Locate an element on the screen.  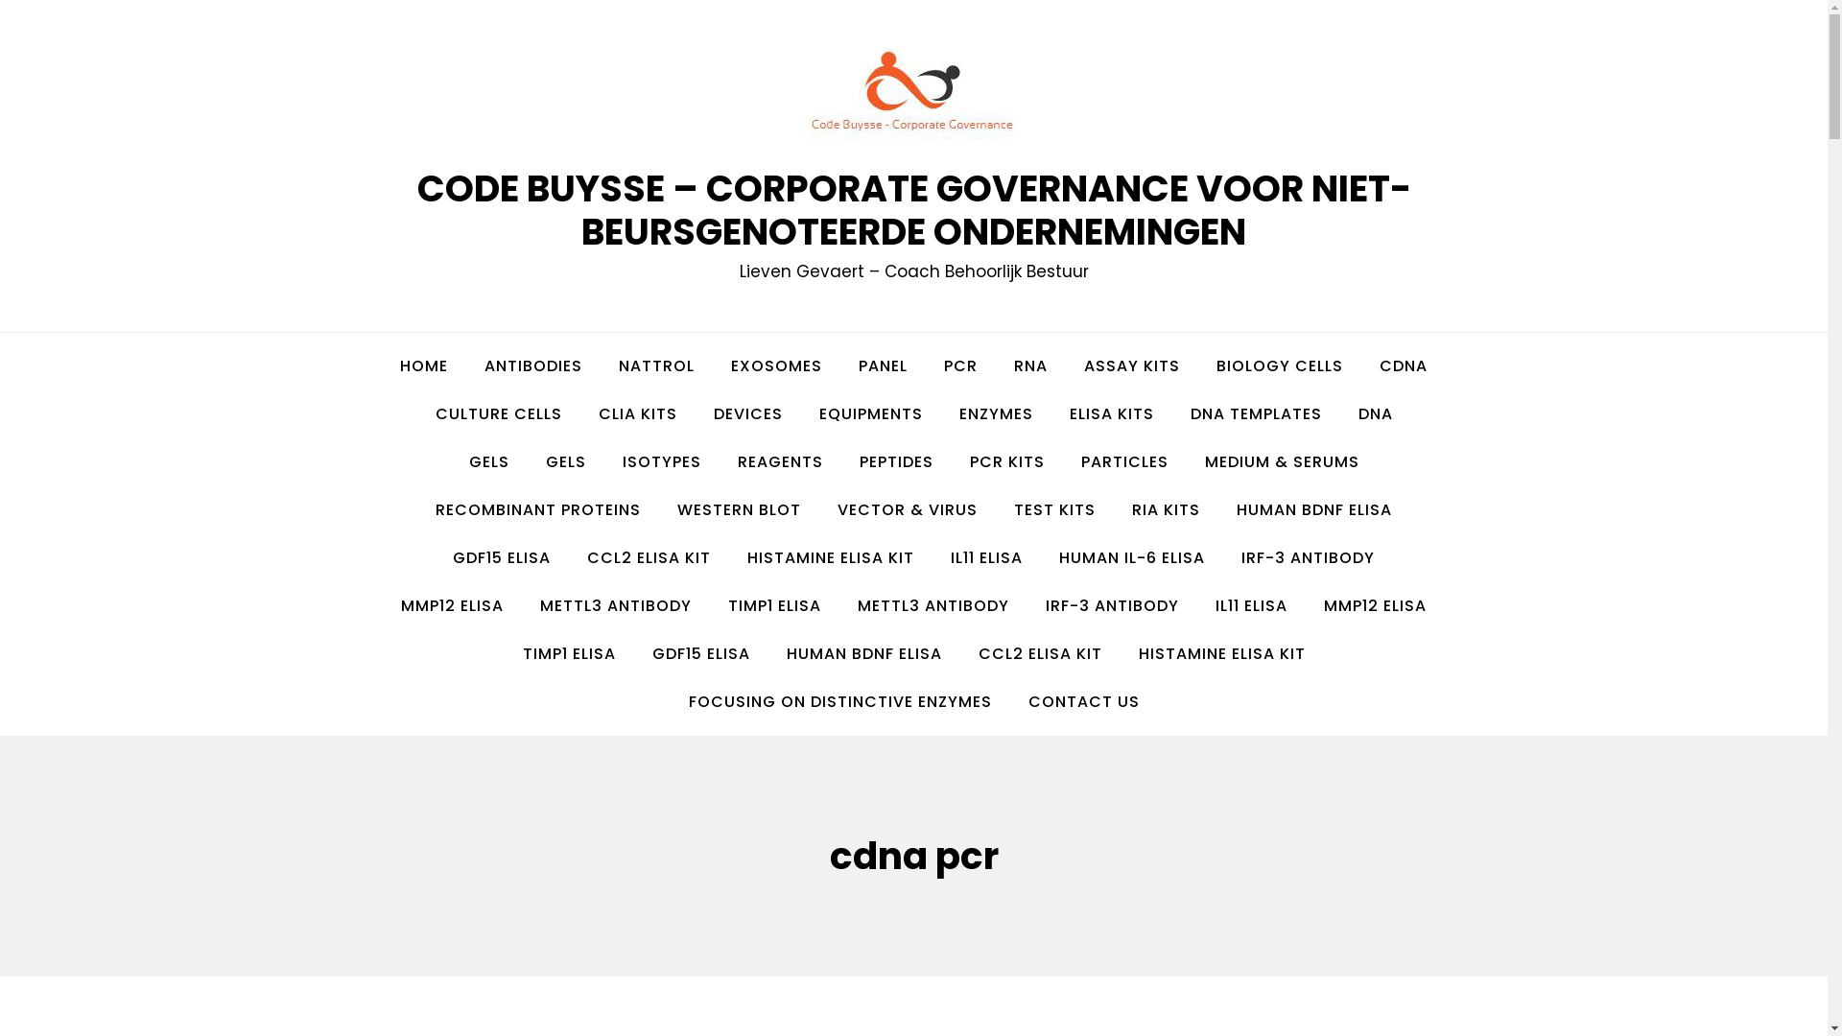
'TIMP1 ELISA' is located at coordinates (568, 653).